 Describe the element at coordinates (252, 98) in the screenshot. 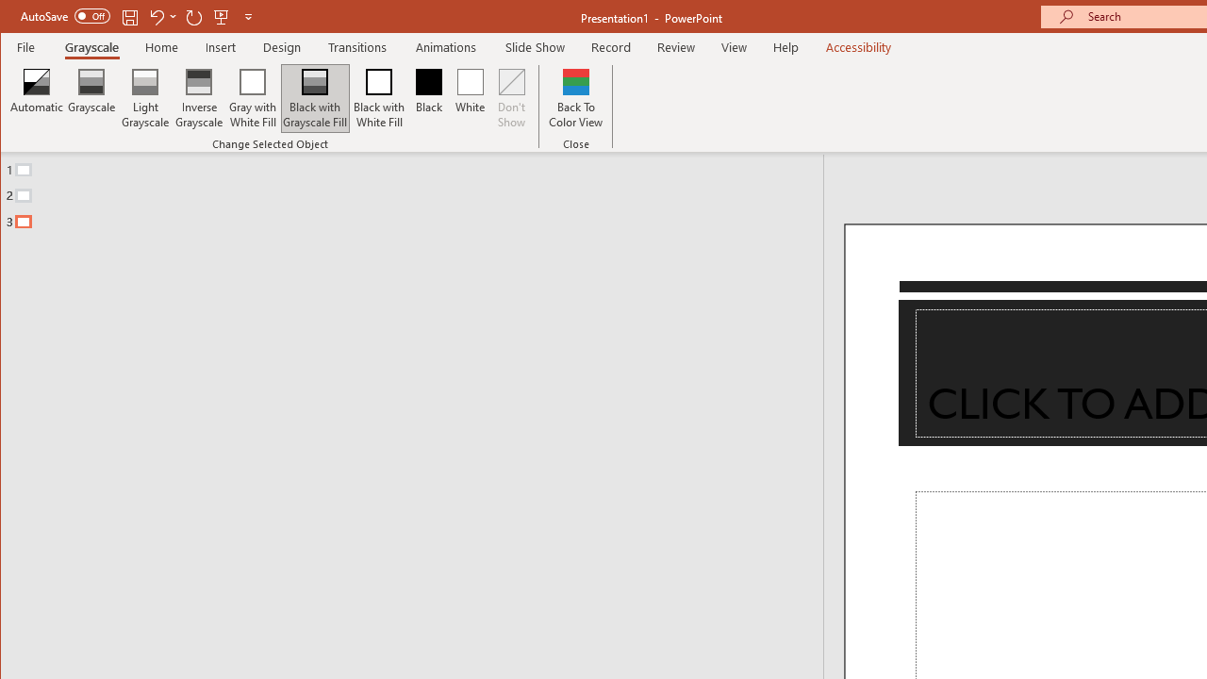

I see `'Gray with White Fill'` at that location.